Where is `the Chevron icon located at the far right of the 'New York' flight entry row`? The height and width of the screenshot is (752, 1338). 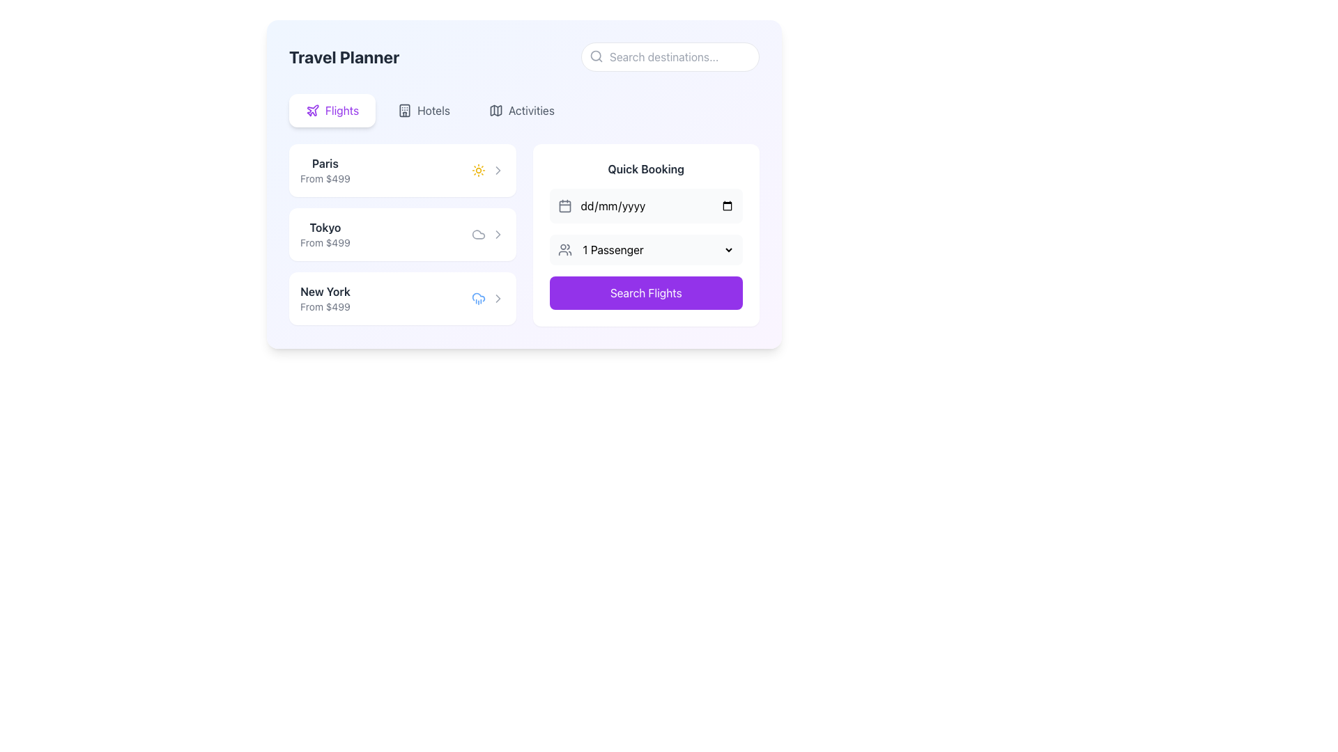 the Chevron icon located at the far right of the 'New York' flight entry row is located at coordinates (498, 297).